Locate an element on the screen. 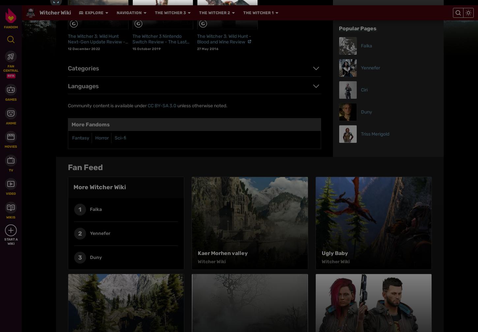 The width and height of the screenshot is (478, 332). 'About' is located at coordinates (177, 209).